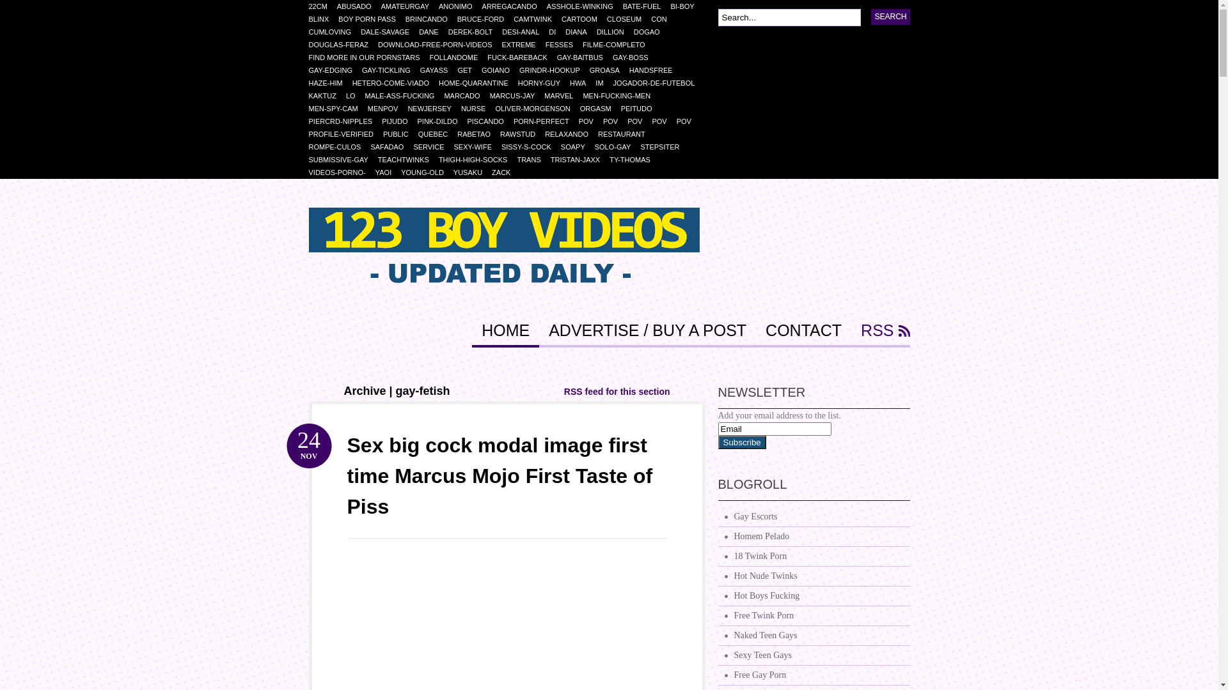 Image resolution: width=1228 pixels, height=690 pixels. What do you see at coordinates (669, 6) in the screenshot?
I see `'BI-BOY'` at bounding box center [669, 6].